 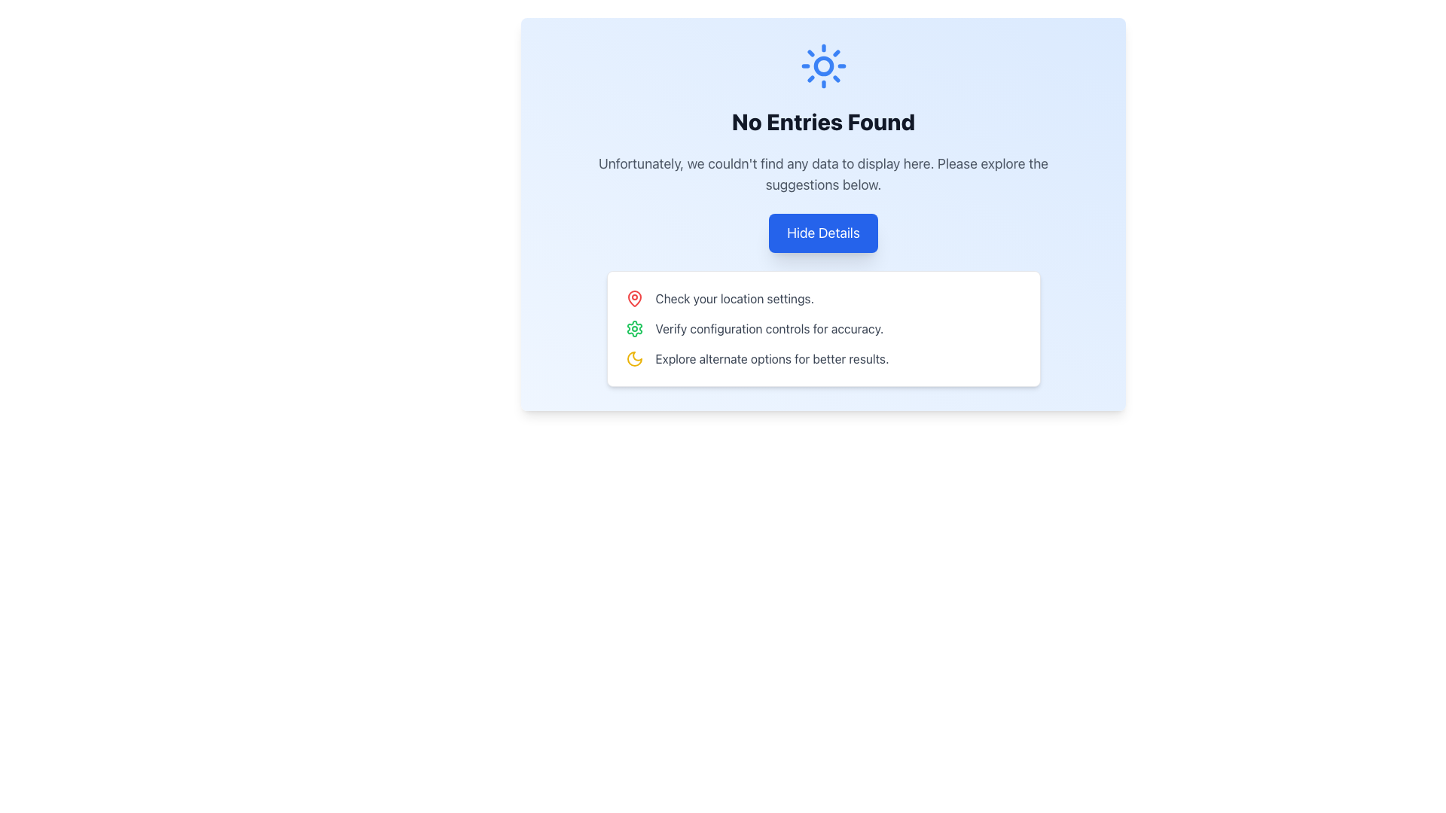 I want to click on the green gear icon representing settings located to the left of the second suggestion item below the 'No Entries Found' notification, so click(x=634, y=327).